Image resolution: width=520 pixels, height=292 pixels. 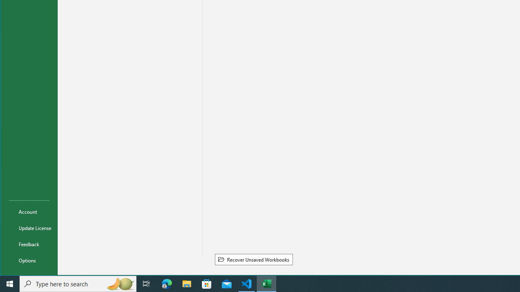 I want to click on 'Recover Unsaved Workbooks', so click(x=253, y=259).